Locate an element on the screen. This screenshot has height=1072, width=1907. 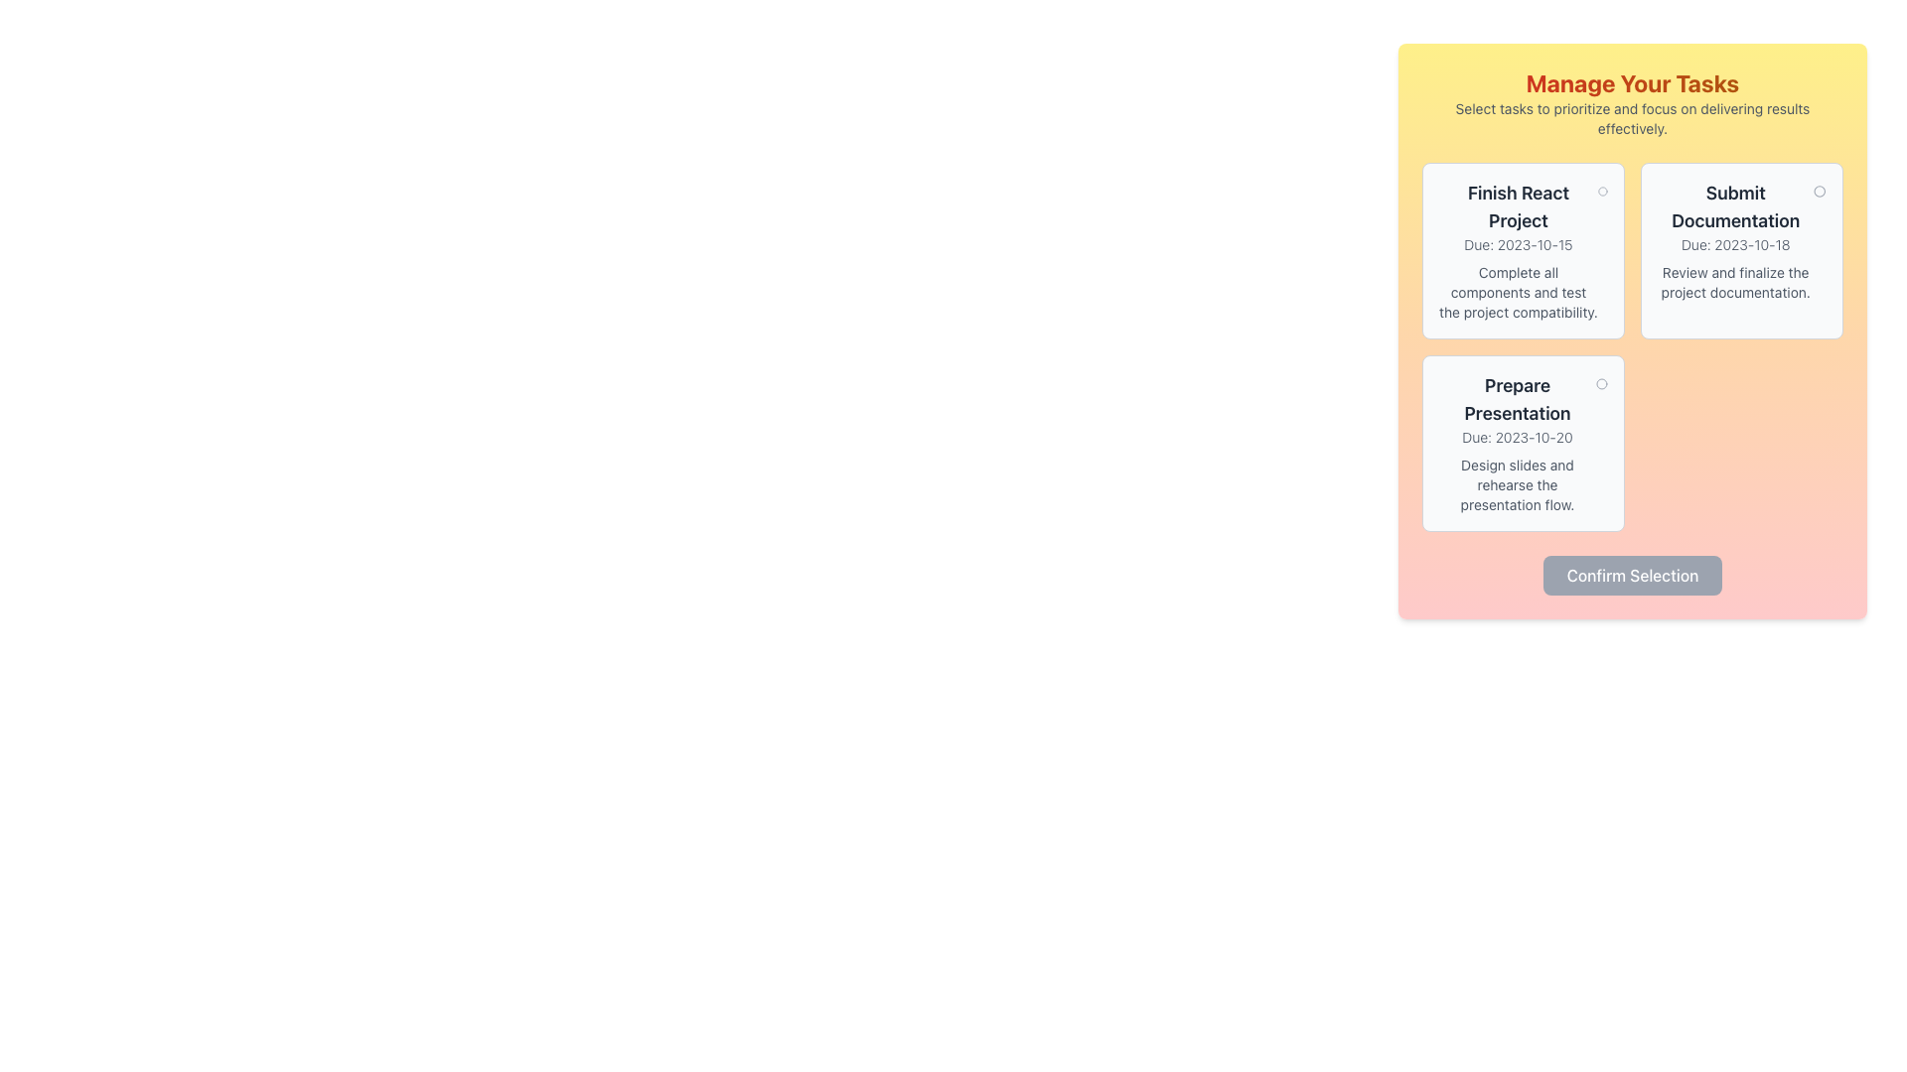
text label displaying 'Due: 2023-10-15' which is located below the heading 'Finish React Project' is located at coordinates (1518, 243).